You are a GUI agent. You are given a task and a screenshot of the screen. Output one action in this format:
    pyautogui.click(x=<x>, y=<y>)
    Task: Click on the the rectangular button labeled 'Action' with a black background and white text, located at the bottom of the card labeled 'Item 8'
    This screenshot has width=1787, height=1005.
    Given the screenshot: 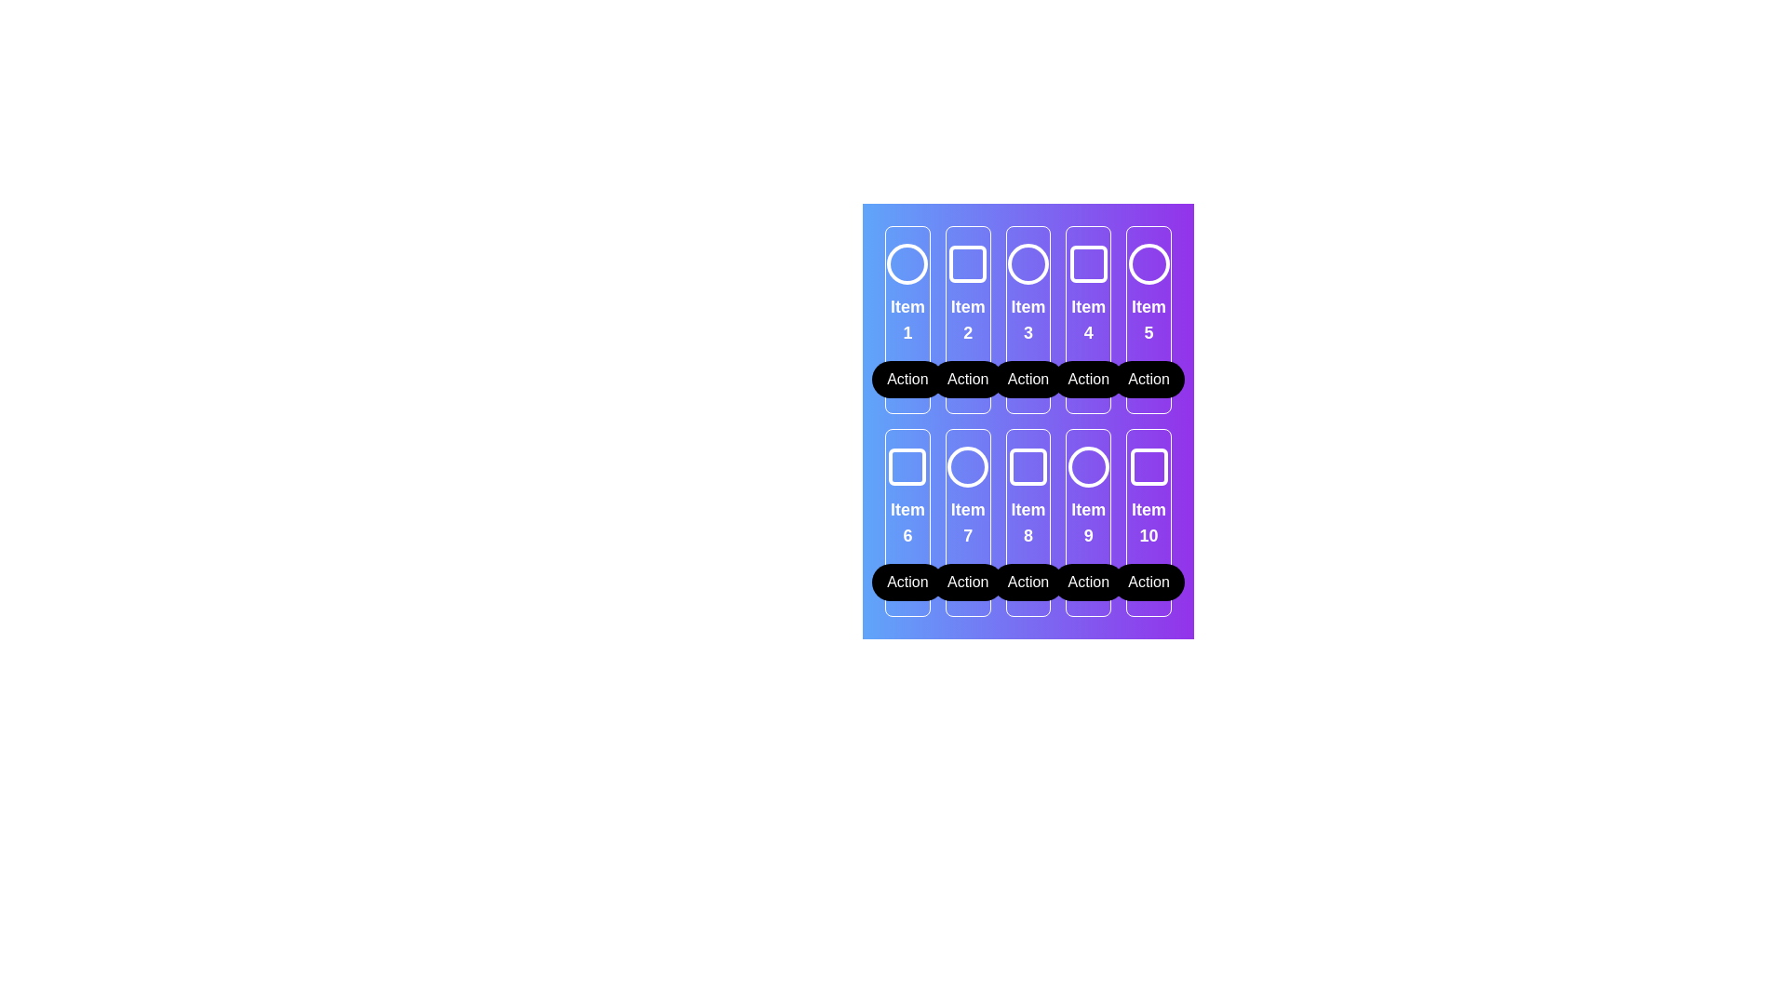 What is the action you would take?
    pyautogui.click(x=1027, y=581)
    